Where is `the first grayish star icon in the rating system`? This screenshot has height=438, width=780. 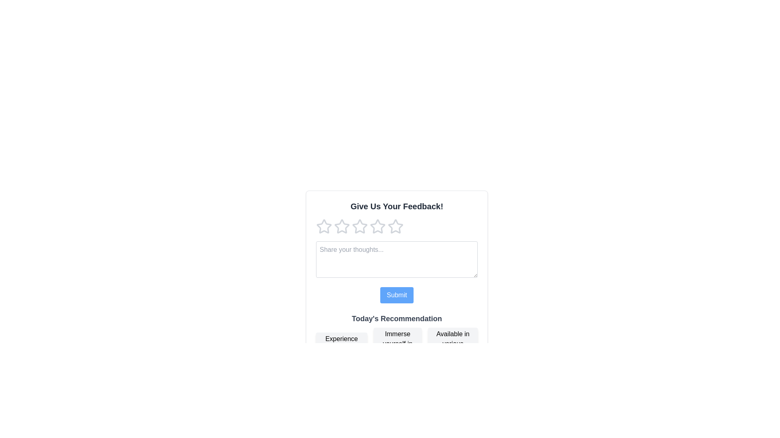
the first grayish star icon in the rating system is located at coordinates (323, 226).